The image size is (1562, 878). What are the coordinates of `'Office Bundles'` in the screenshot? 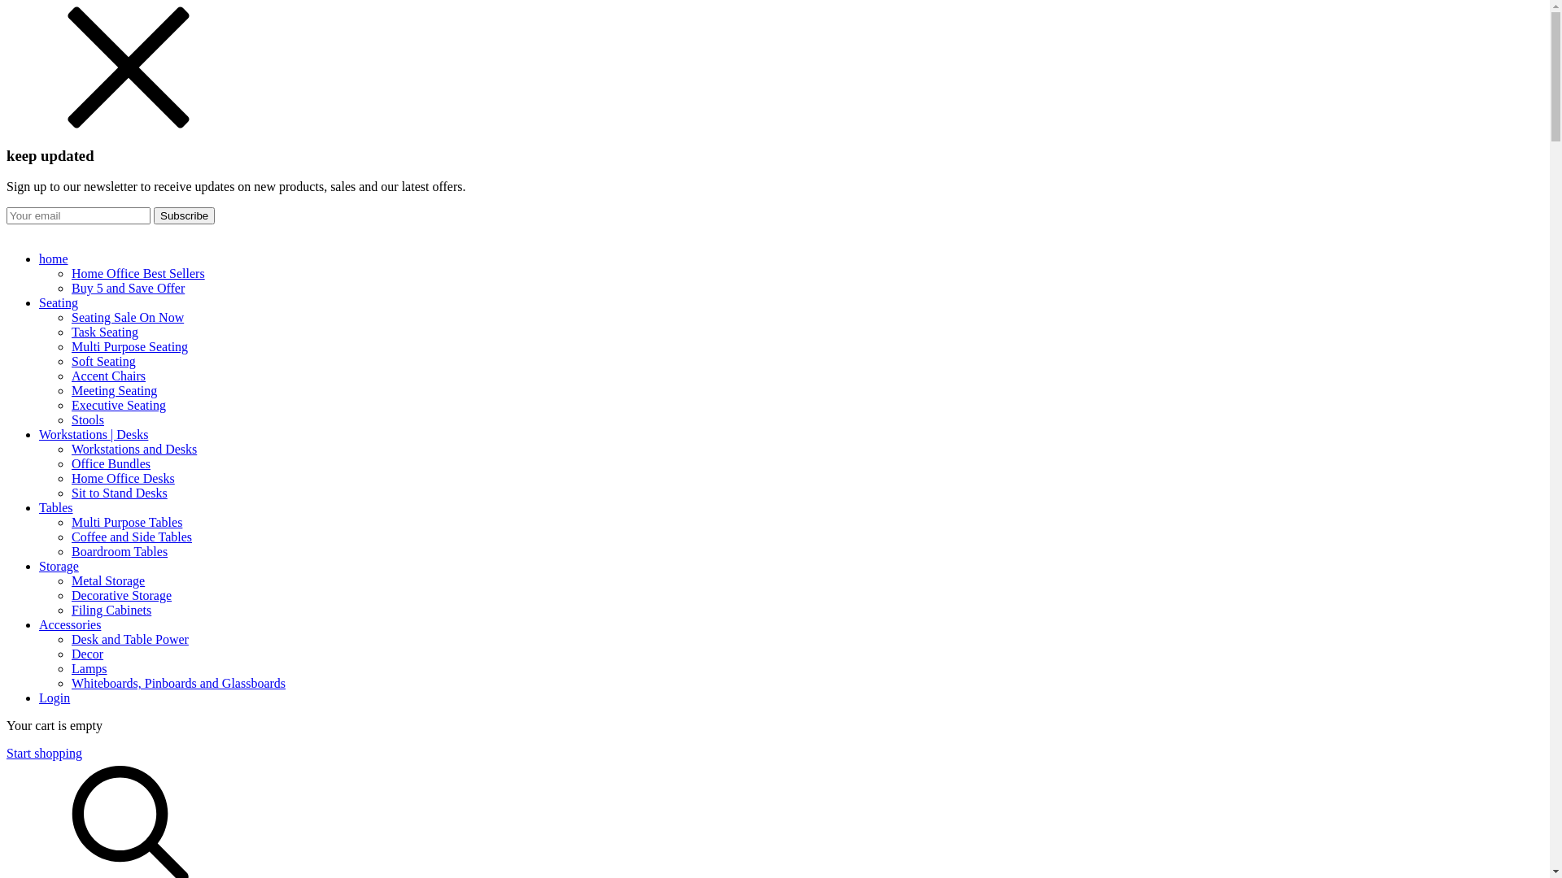 It's located at (110, 463).